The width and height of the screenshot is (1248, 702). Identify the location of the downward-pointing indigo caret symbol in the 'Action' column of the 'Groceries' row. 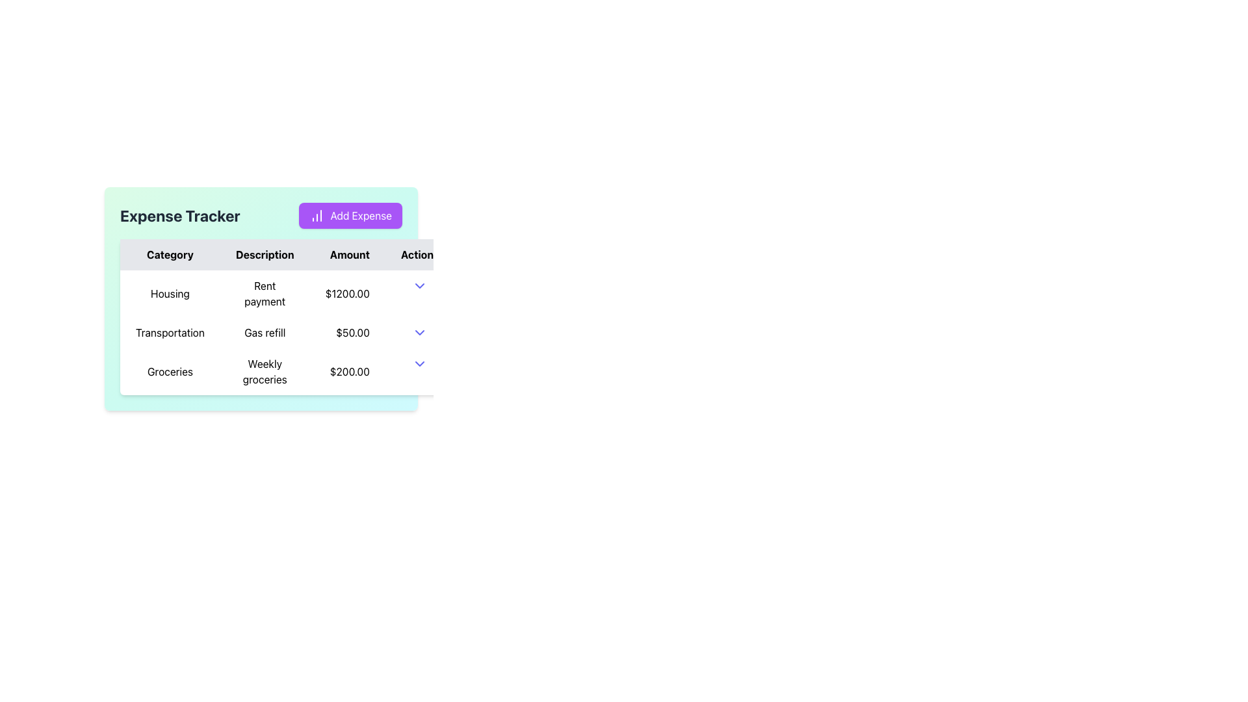
(420, 363).